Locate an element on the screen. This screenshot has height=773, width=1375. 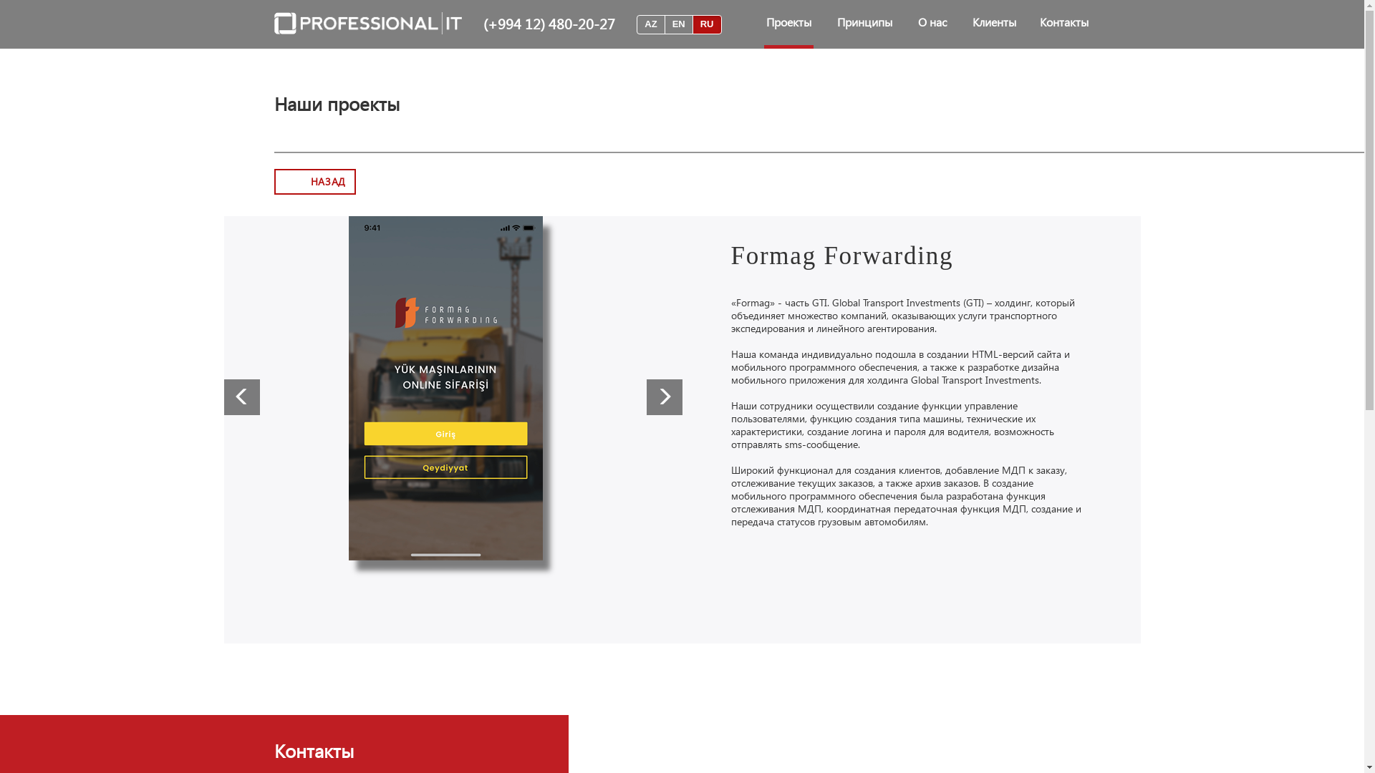
'EN' is located at coordinates (678, 24).